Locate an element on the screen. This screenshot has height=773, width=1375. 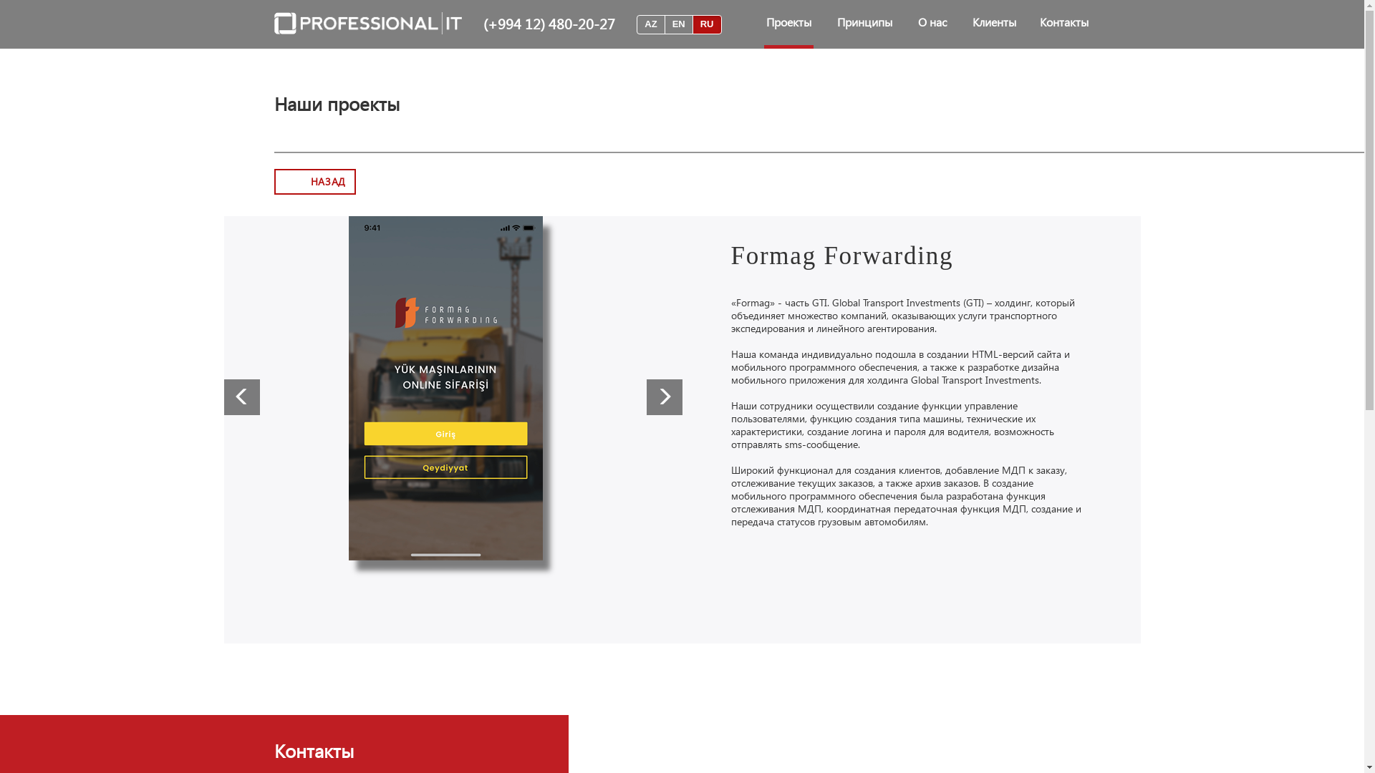
'EN' is located at coordinates (678, 24).